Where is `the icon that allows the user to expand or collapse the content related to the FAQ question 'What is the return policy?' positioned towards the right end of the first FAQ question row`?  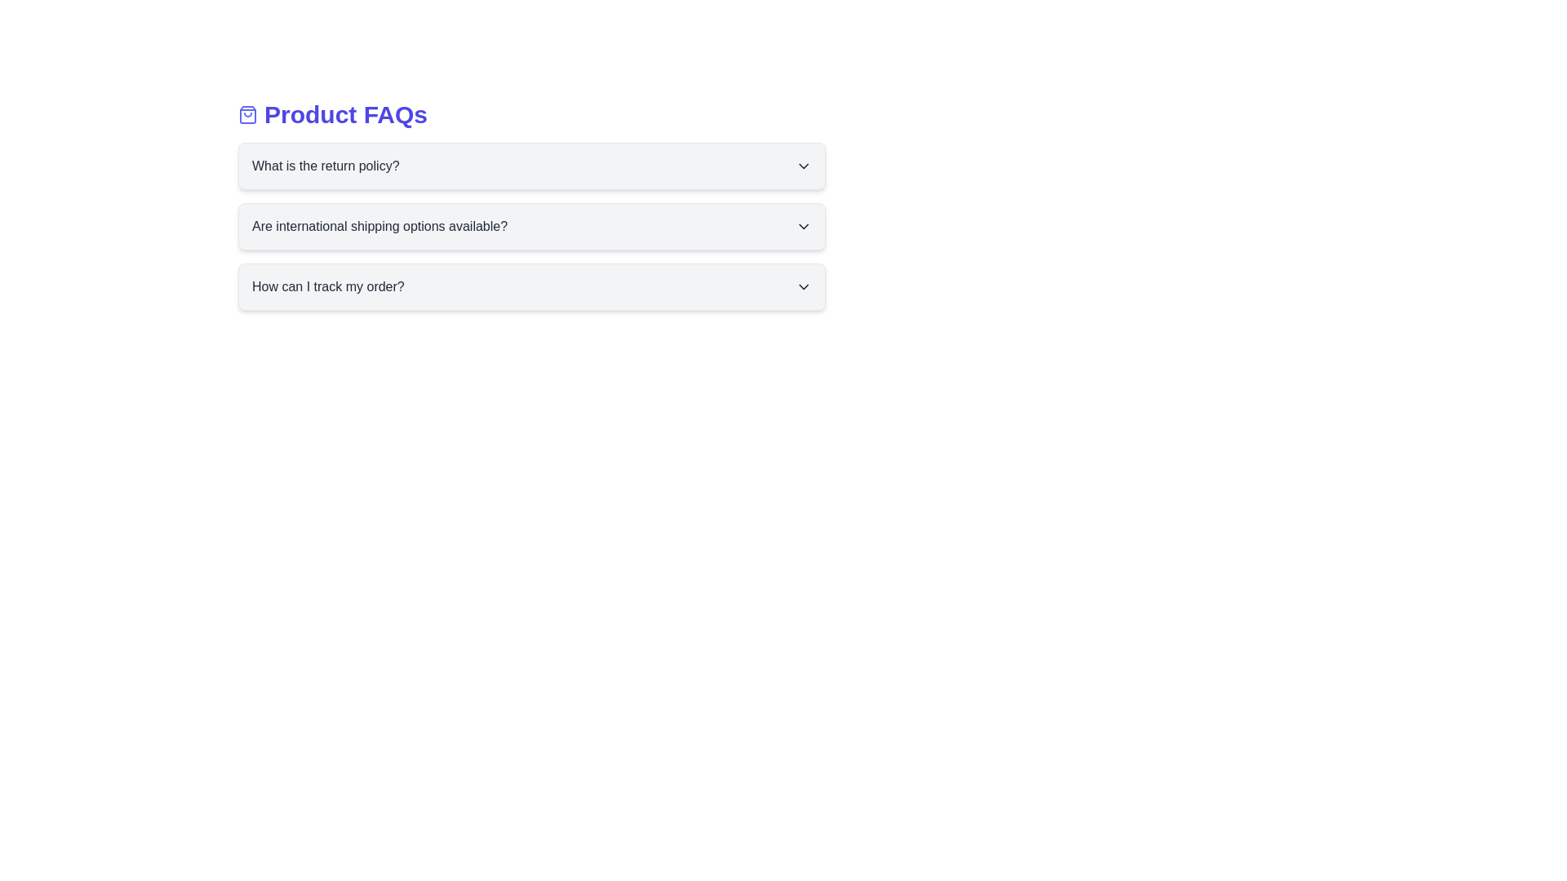
the icon that allows the user to expand or collapse the content related to the FAQ question 'What is the return policy?' positioned towards the right end of the first FAQ question row is located at coordinates (803, 166).